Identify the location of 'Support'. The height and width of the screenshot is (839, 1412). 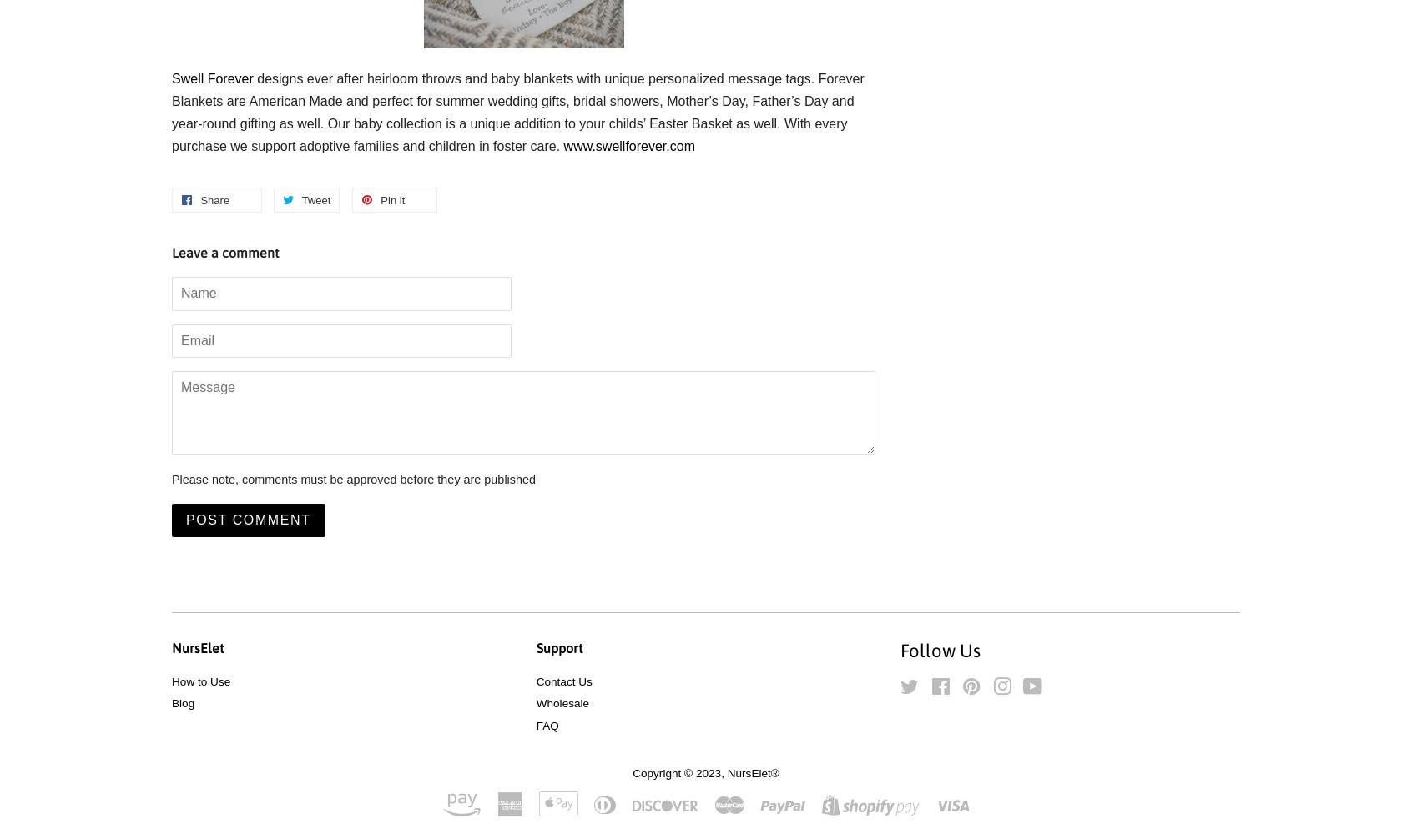
(558, 647).